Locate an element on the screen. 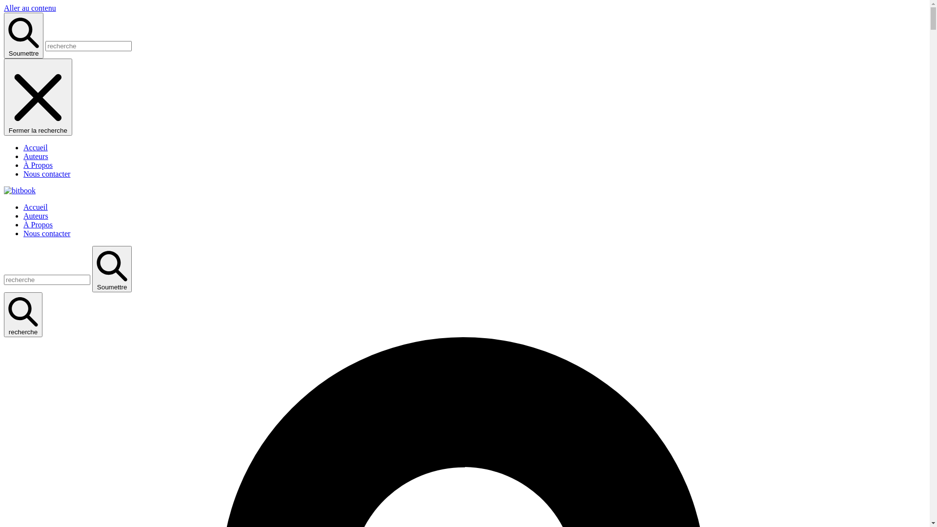 The image size is (937, 527). 'Accueil' is located at coordinates (23, 206).